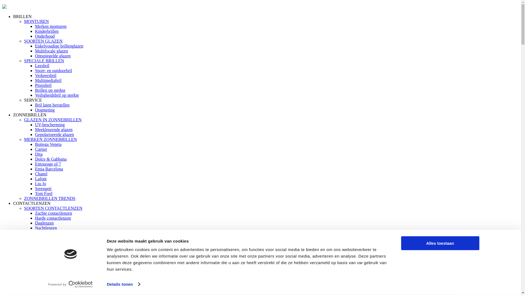  Describe the element at coordinates (59, 46) in the screenshot. I see `'Enkelvoudige brillenglazen'` at that location.